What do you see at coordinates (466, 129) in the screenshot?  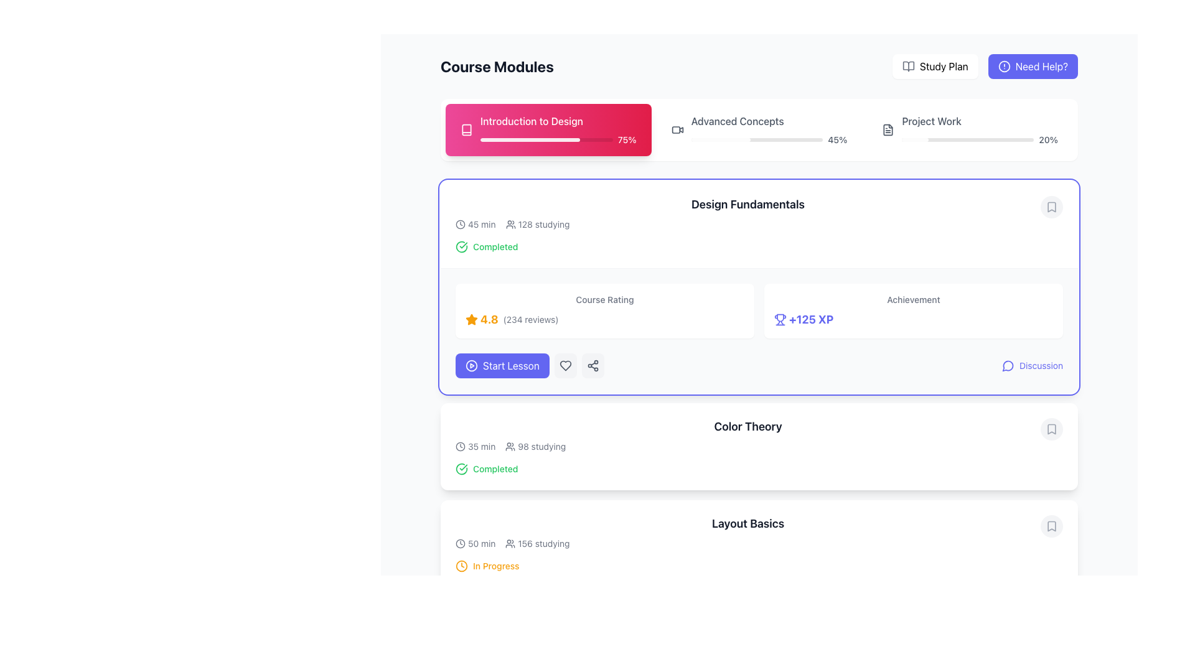 I see `the book icon located in the top-left segment of the 'Introduction to Design' panel, before the text and progress indicator` at bounding box center [466, 129].